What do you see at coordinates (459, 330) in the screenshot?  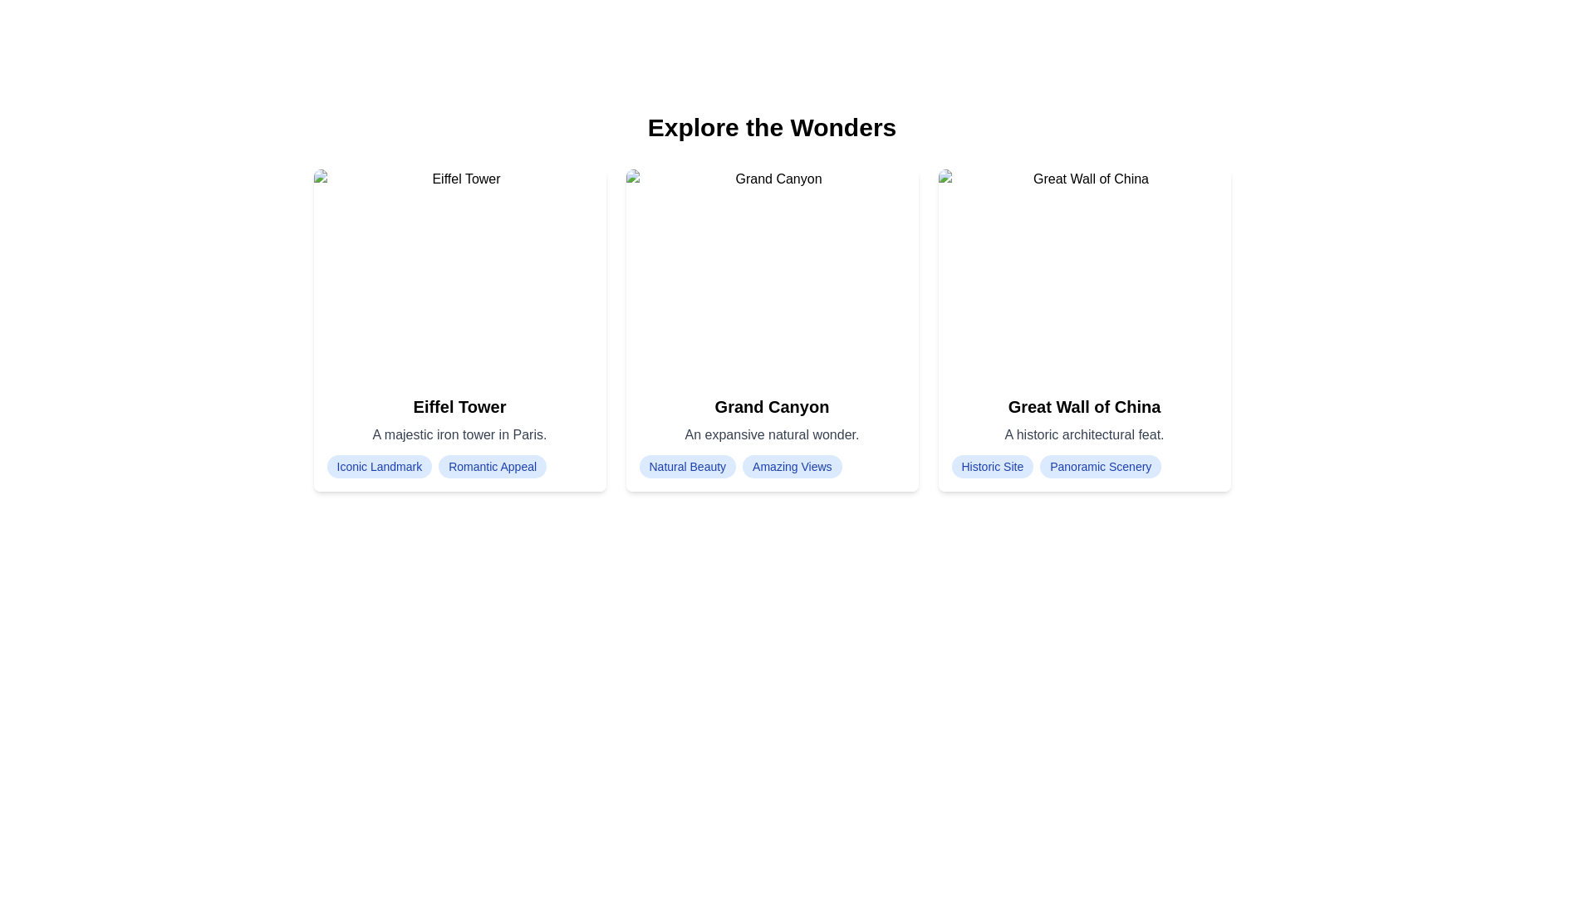 I see `the informational card about the Eiffel Tower located in the leftmost position of the grid` at bounding box center [459, 330].